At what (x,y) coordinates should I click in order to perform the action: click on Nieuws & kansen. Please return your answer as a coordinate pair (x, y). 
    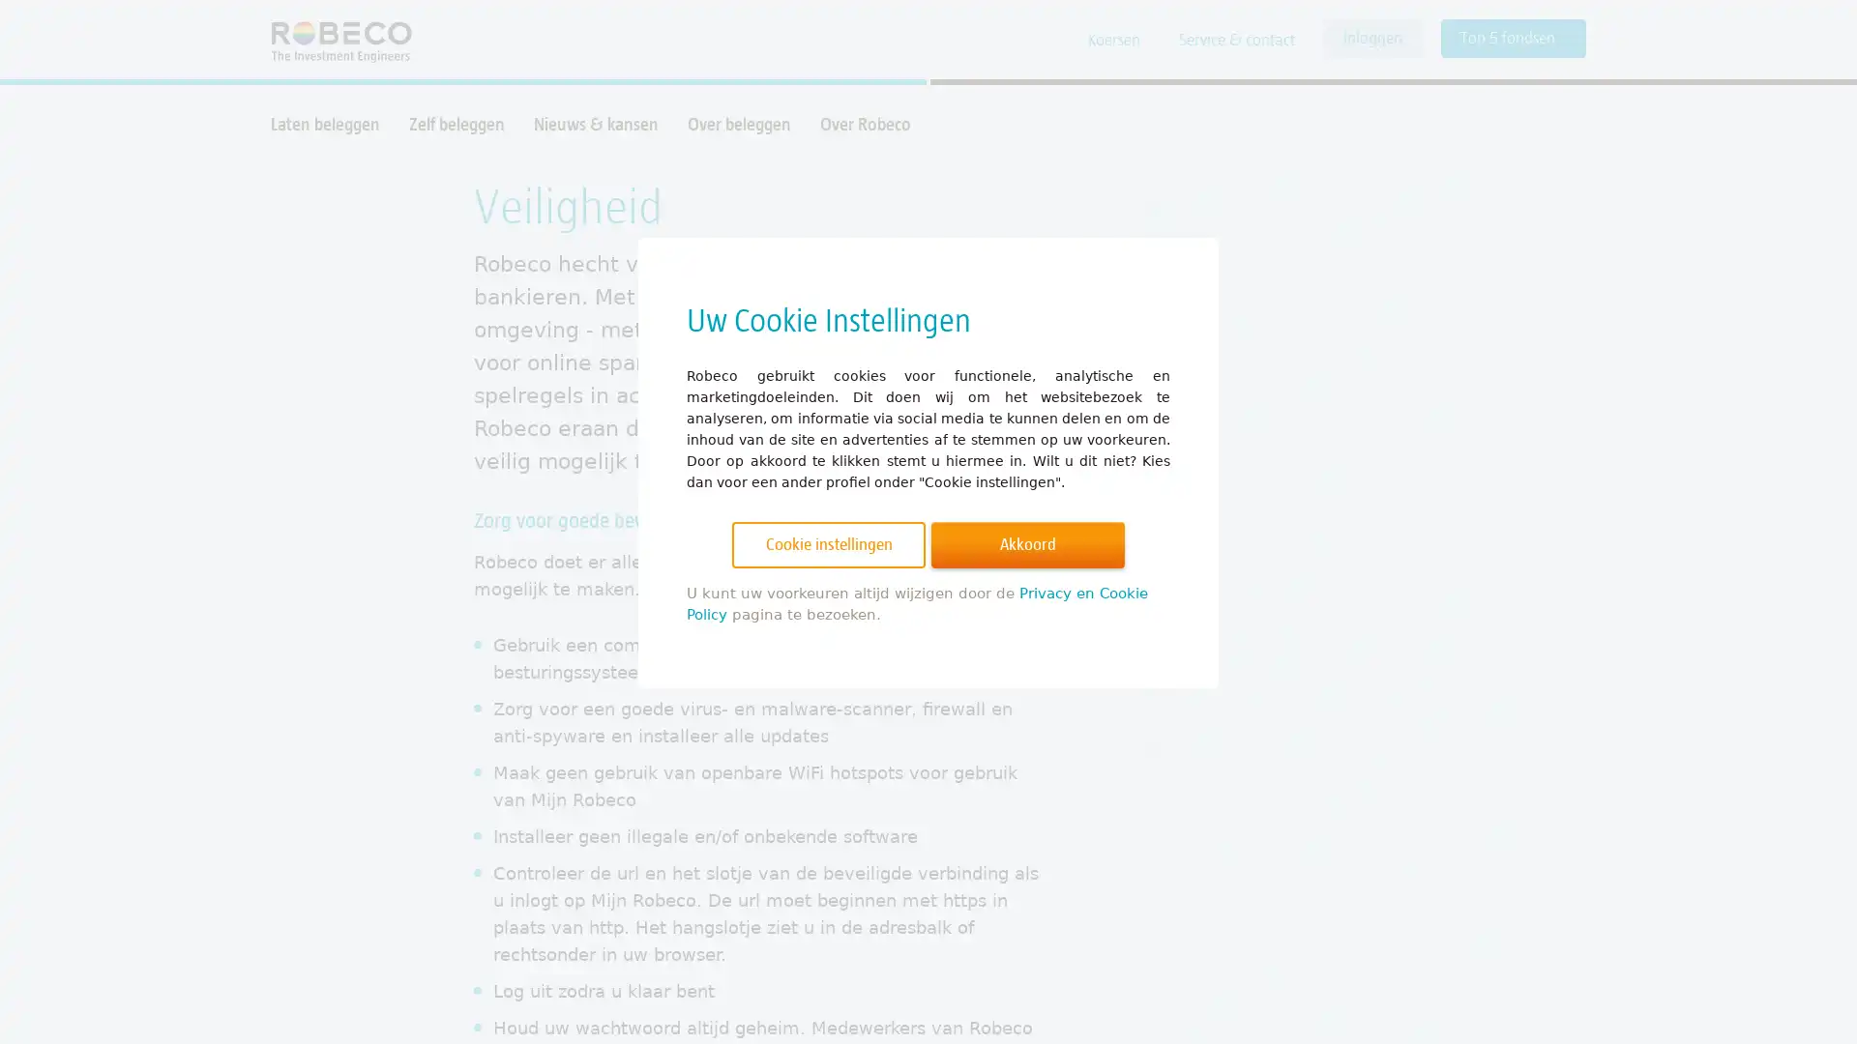
    Looking at the image, I should click on (595, 124).